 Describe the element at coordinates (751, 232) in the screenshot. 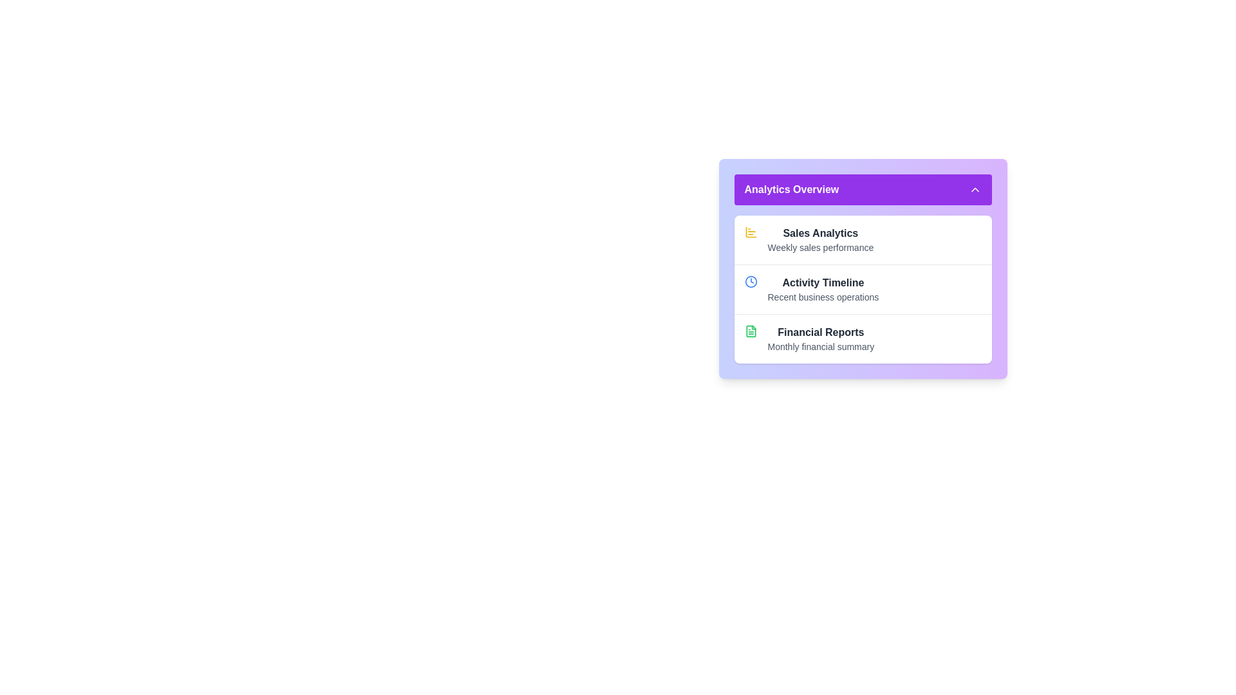

I see `the bar chart icon representing the 'Sales Analytics' card in the 'Analytics Overview' section by clicking on it` at that location.